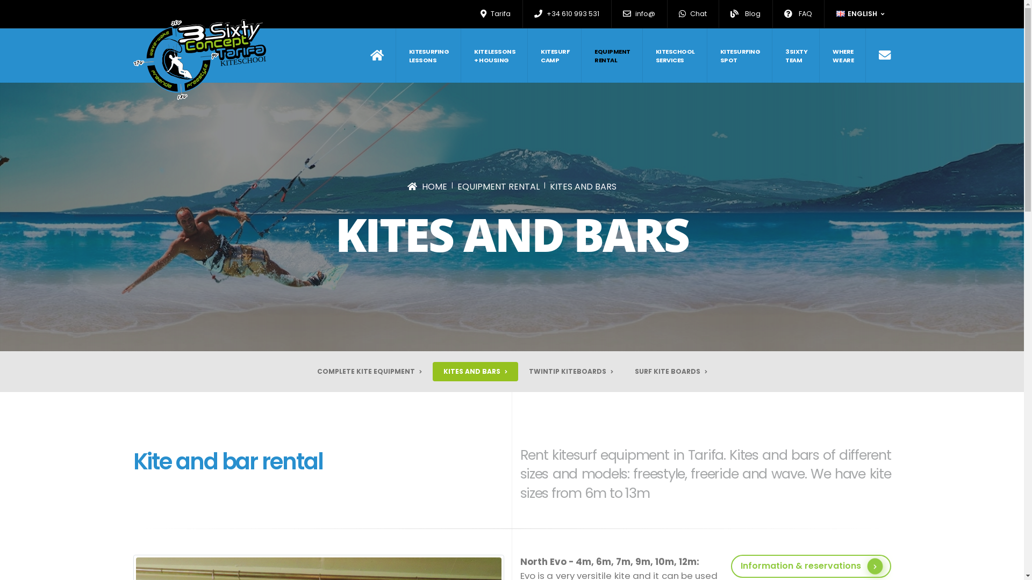  What do you see at coordinates (861, 14) in the screenshot?
I see `'ENGLISH'` at bounding box center [861, 14].